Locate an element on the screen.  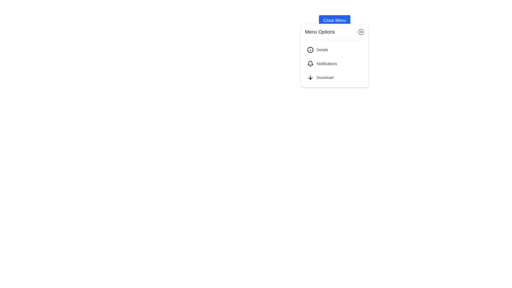
the close button located at the top of the menu component is located at coordinates (334, 20).